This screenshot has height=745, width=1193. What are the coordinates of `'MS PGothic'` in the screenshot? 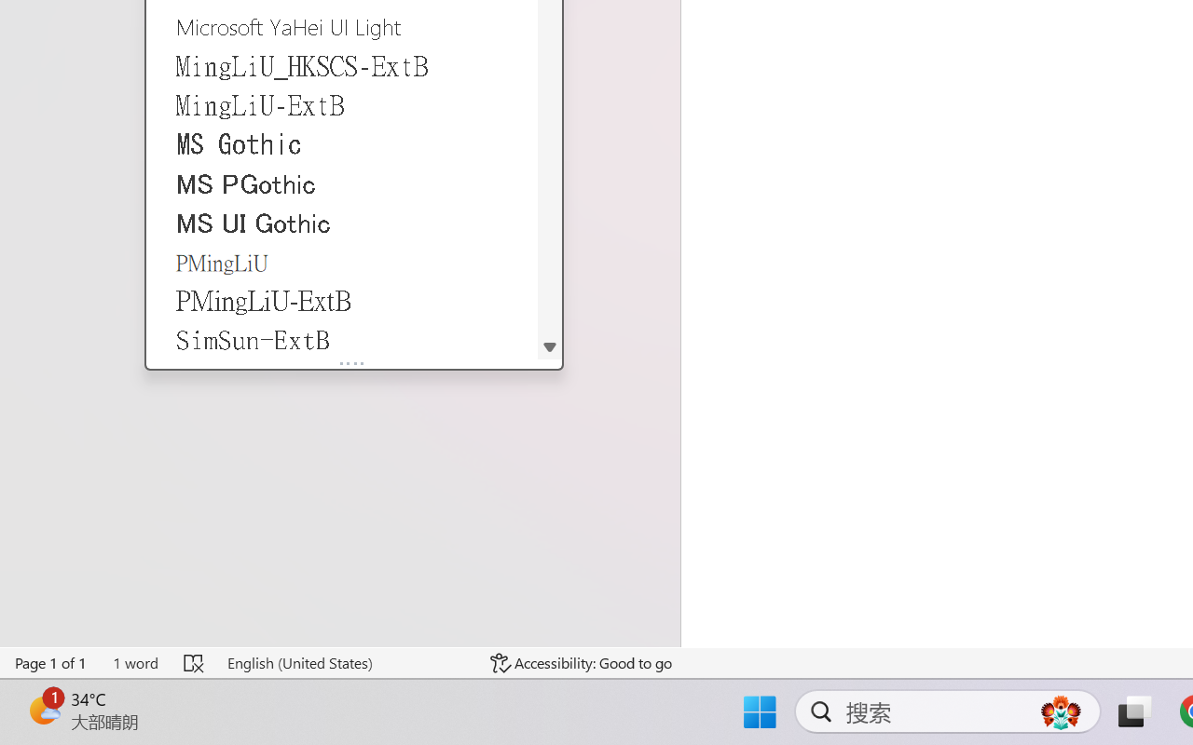 It's located at (342, 182).